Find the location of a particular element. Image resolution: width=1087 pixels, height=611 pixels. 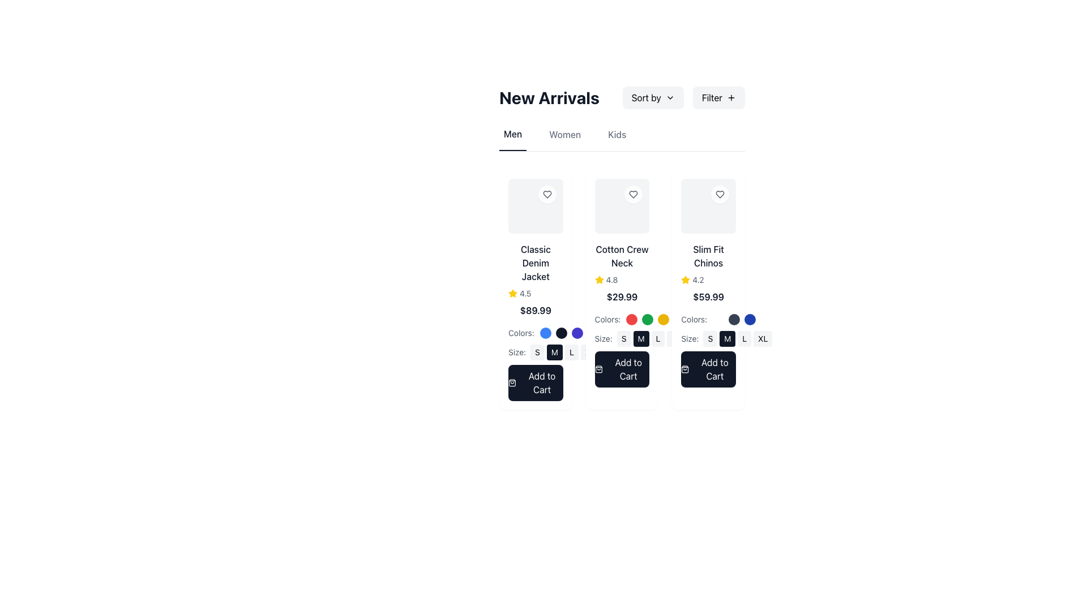

the heart icon button representing the favorite or like action for the 'Cotton Crew Neck' product is located at coordinates (633, 193).